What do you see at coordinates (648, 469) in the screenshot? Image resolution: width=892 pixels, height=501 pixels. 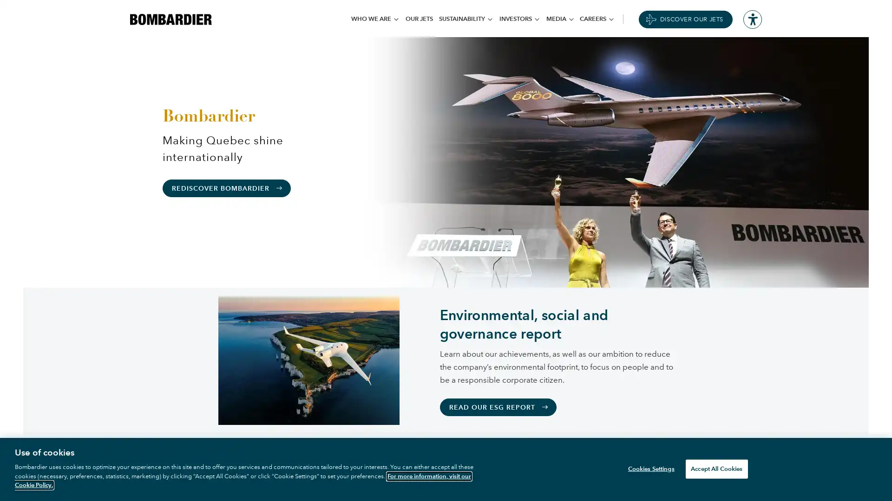 I see `Cookies Settings` at bounding box center [648, 469].